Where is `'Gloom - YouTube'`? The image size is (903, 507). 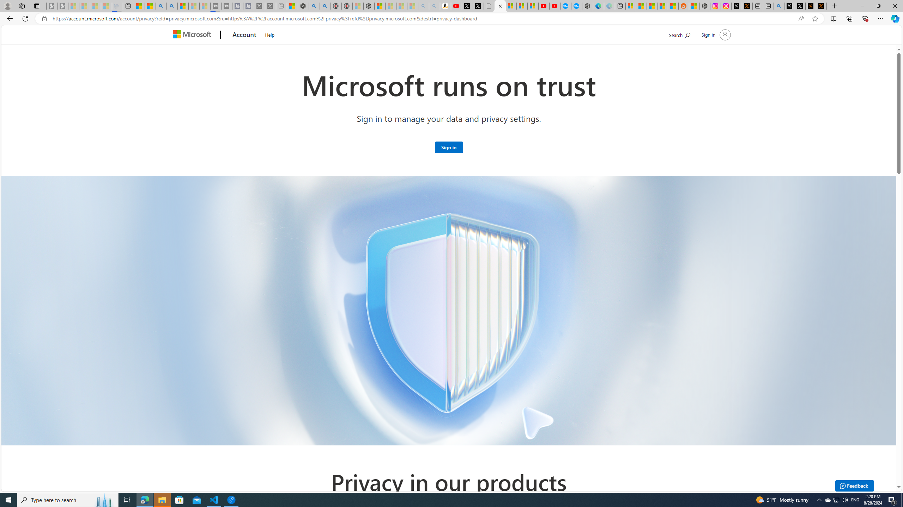 'Gloom - YouTube' is located at coordinates (544, 6).